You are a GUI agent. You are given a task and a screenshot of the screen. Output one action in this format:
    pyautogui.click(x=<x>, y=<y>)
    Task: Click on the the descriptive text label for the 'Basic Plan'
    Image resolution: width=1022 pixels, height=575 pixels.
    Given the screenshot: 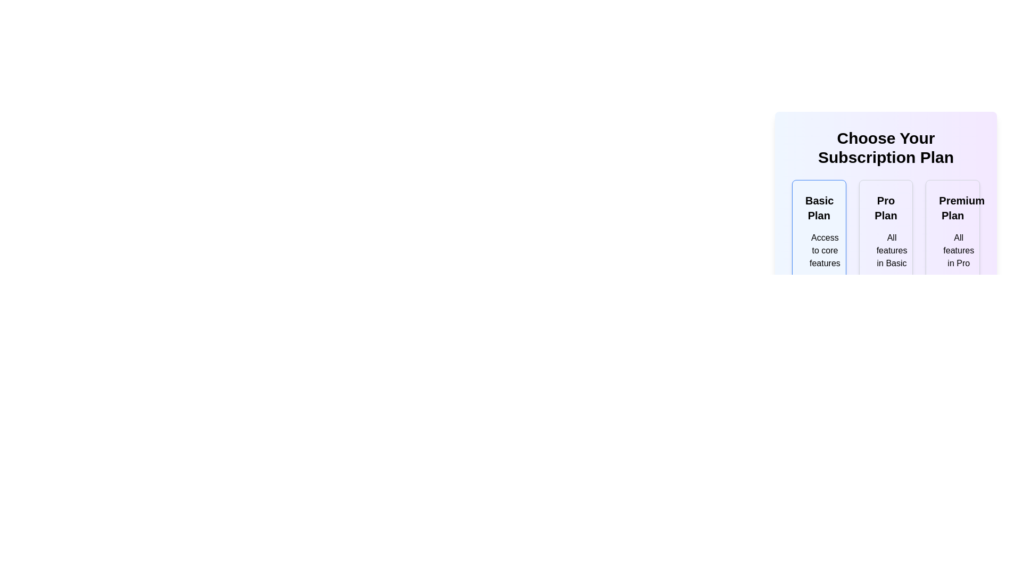 What is the action you would take?
    pyautogui.click(x=824, y=250)
    